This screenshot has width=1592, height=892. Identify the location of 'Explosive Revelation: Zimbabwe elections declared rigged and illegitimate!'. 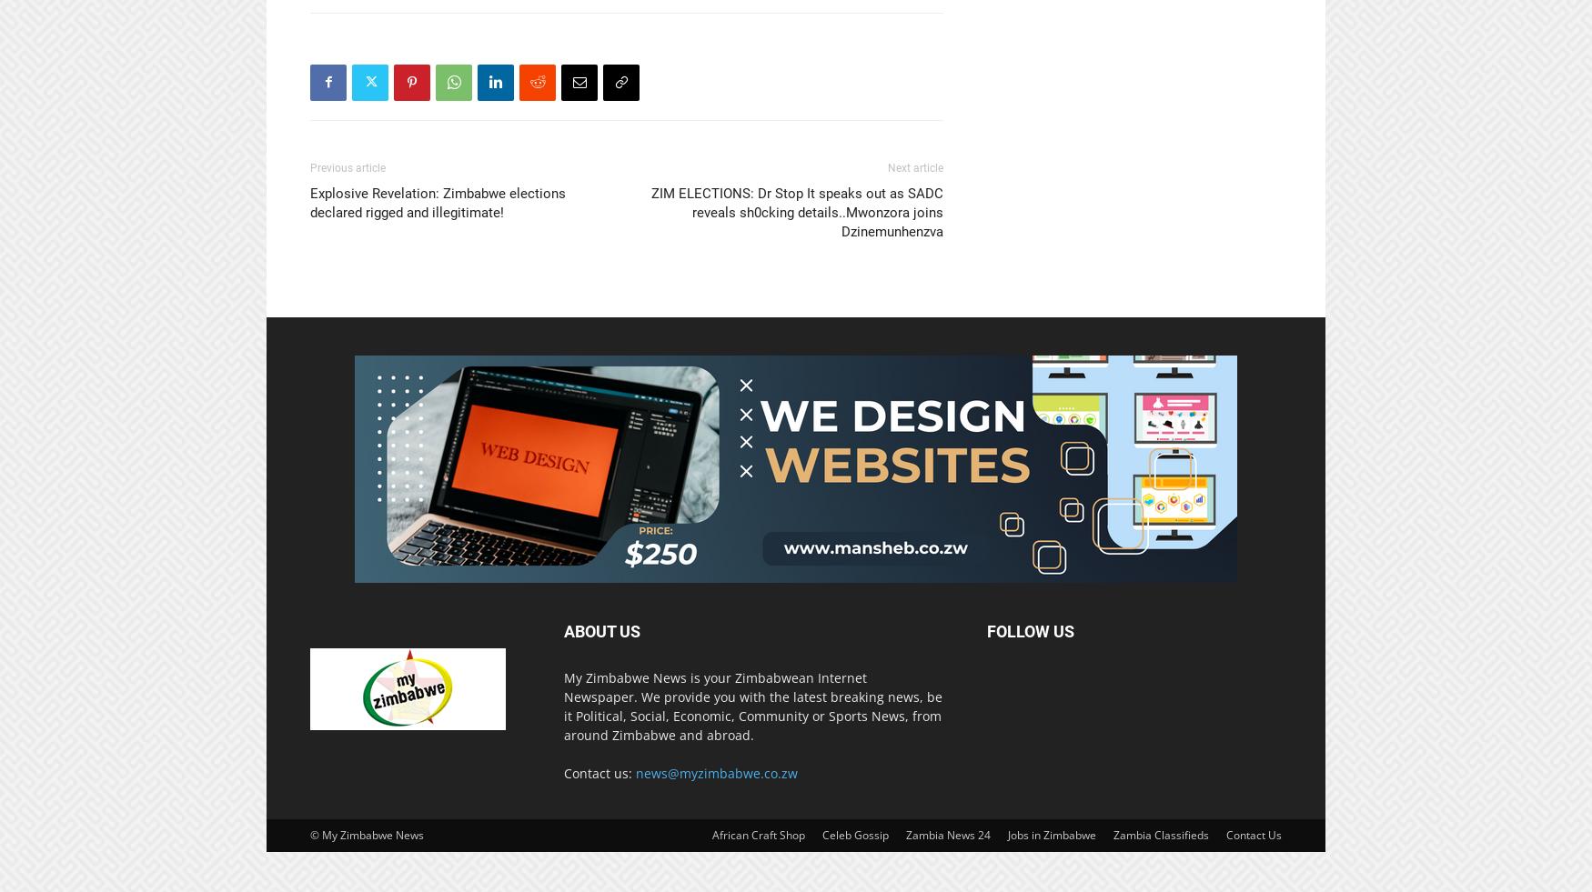
(438, 201).